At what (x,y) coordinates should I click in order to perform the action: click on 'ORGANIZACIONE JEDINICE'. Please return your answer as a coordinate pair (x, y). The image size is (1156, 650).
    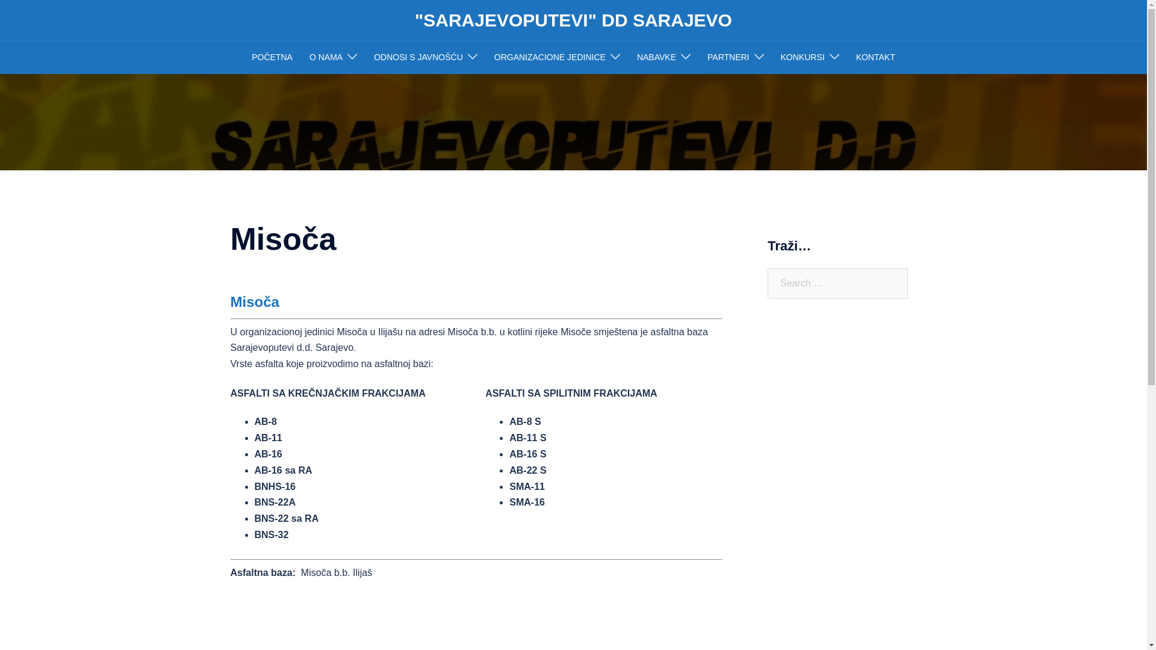
    Looking at the image, I should click on (549, 58).